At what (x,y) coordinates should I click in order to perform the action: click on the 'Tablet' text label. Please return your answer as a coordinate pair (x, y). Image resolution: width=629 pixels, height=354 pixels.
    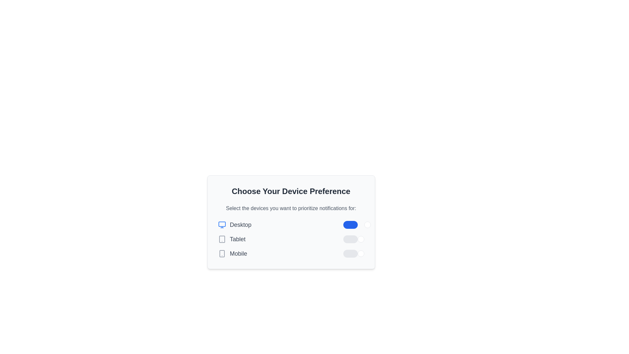
    Looking at the image, I should click on (237, 239).